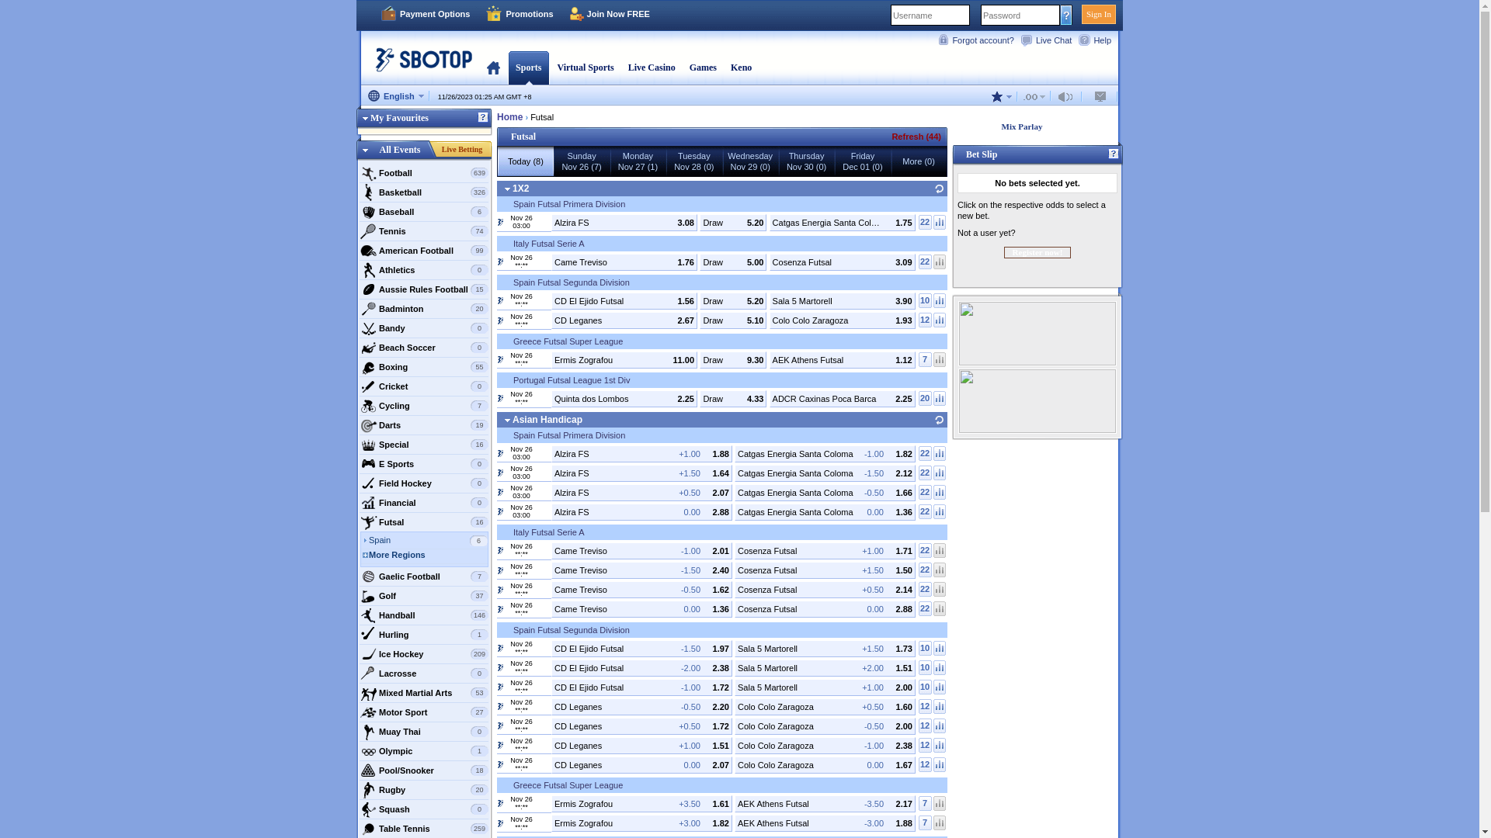 The height and width of the screenshot is (838, 1491). Describe the element at coordinates (641, 822) in the screenshot. I see `'1.82` at that location.